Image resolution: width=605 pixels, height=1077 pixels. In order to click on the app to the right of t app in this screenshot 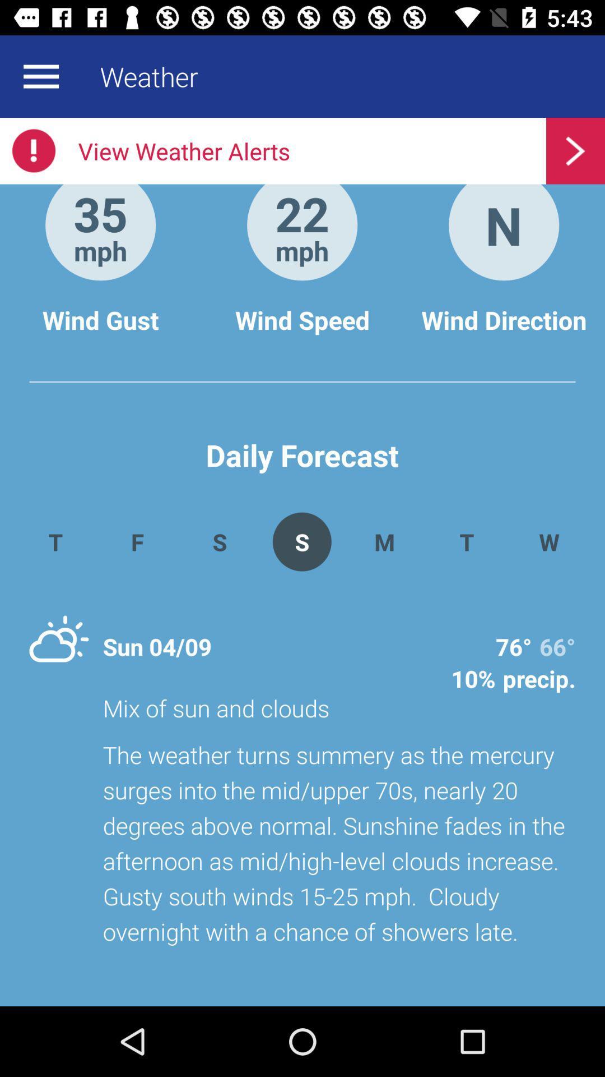, I will do `click(548, 541)`.